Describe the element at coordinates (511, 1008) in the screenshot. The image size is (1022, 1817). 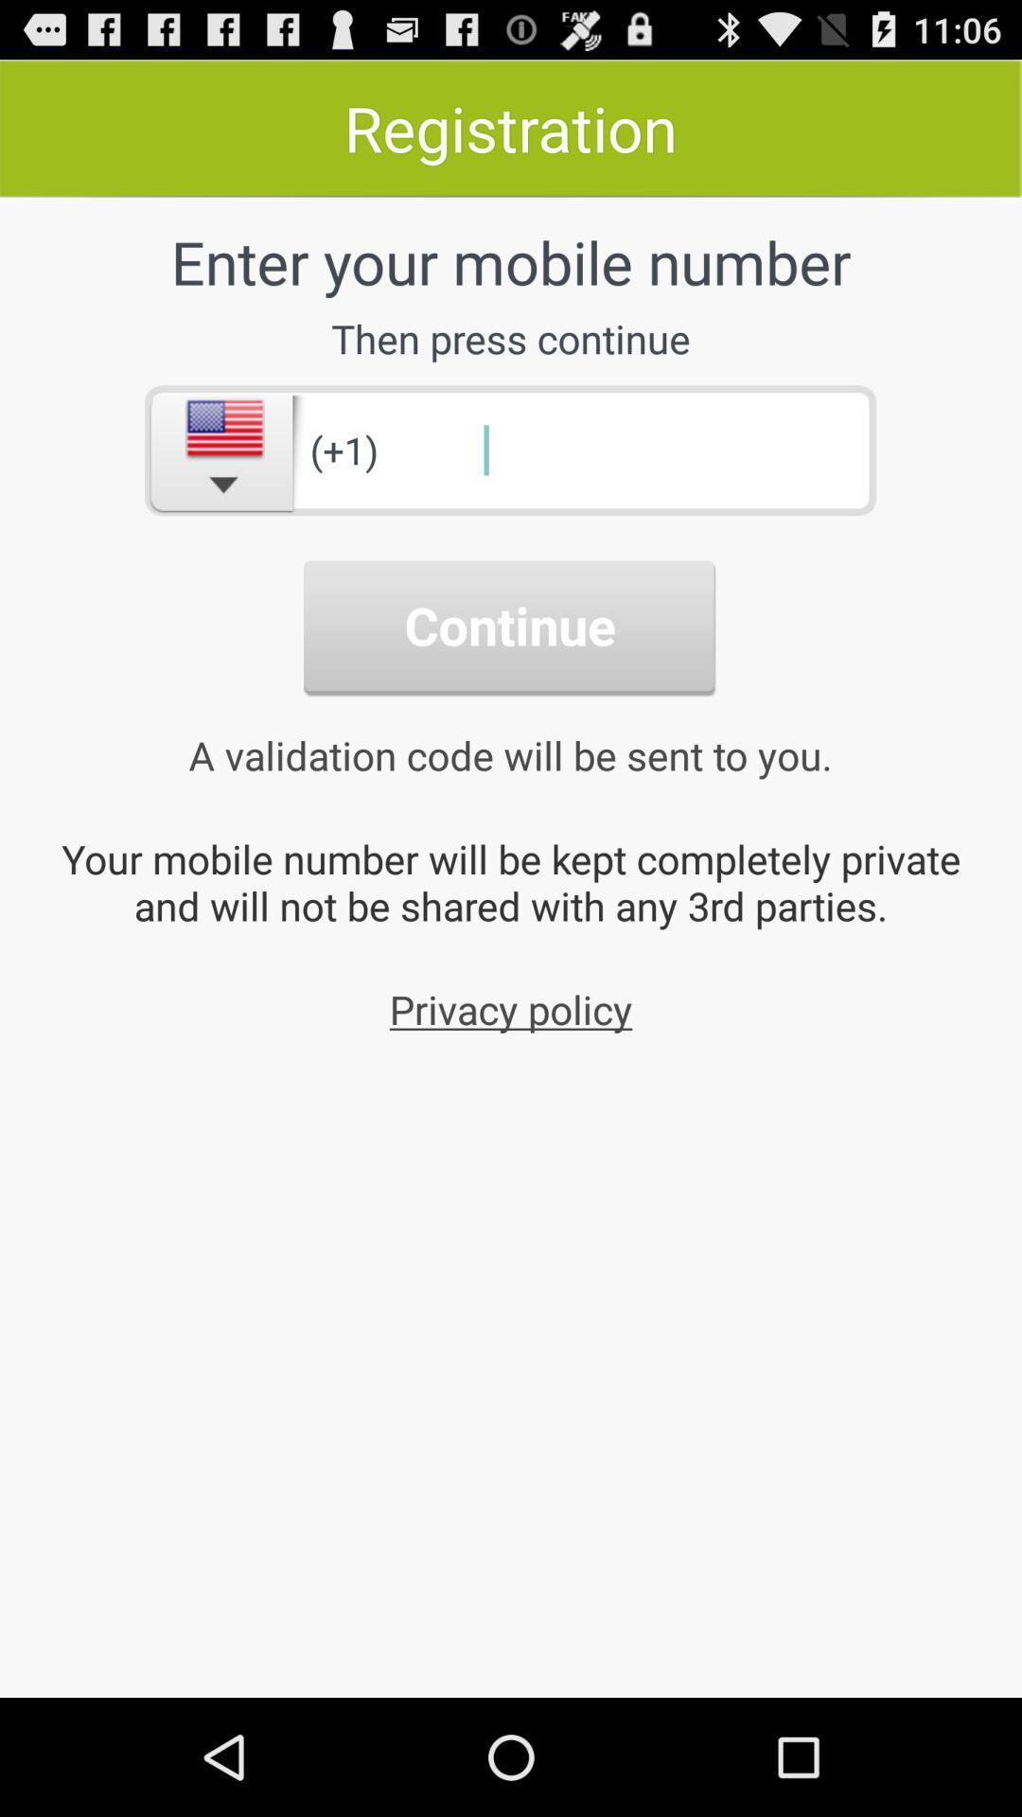
I see `the privacy policy icon` at that location.